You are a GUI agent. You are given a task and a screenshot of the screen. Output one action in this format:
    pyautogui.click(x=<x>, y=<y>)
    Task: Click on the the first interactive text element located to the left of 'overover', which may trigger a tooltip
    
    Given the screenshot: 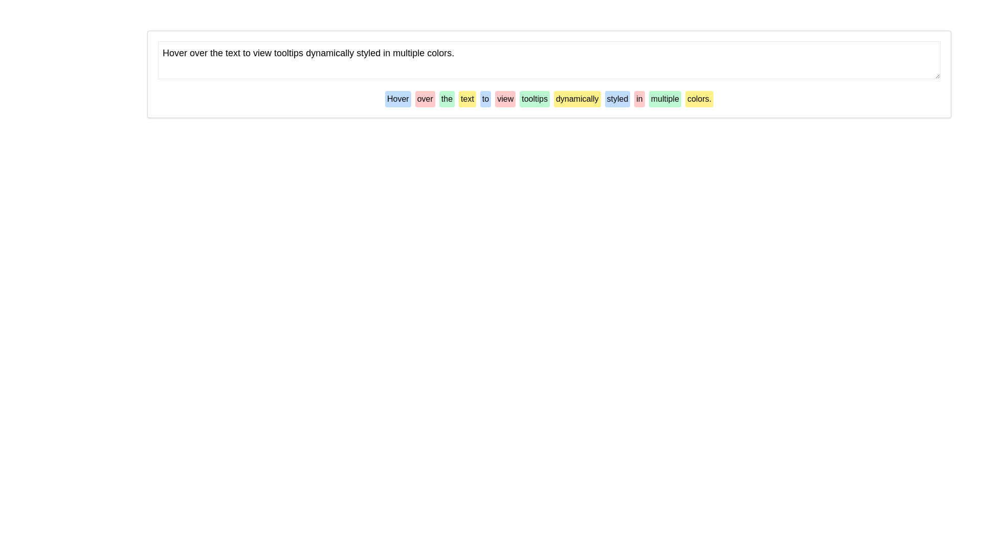 What is the action you would take?
    pyautogui.click(x=397, y=99)
    